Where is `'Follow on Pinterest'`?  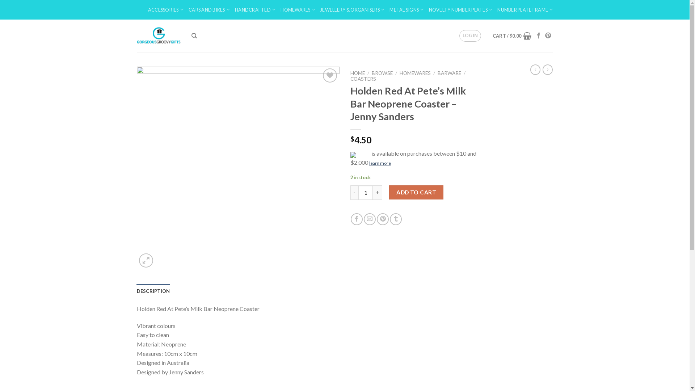 'Follow on Pinterest' is located at coordinates (548, 36).